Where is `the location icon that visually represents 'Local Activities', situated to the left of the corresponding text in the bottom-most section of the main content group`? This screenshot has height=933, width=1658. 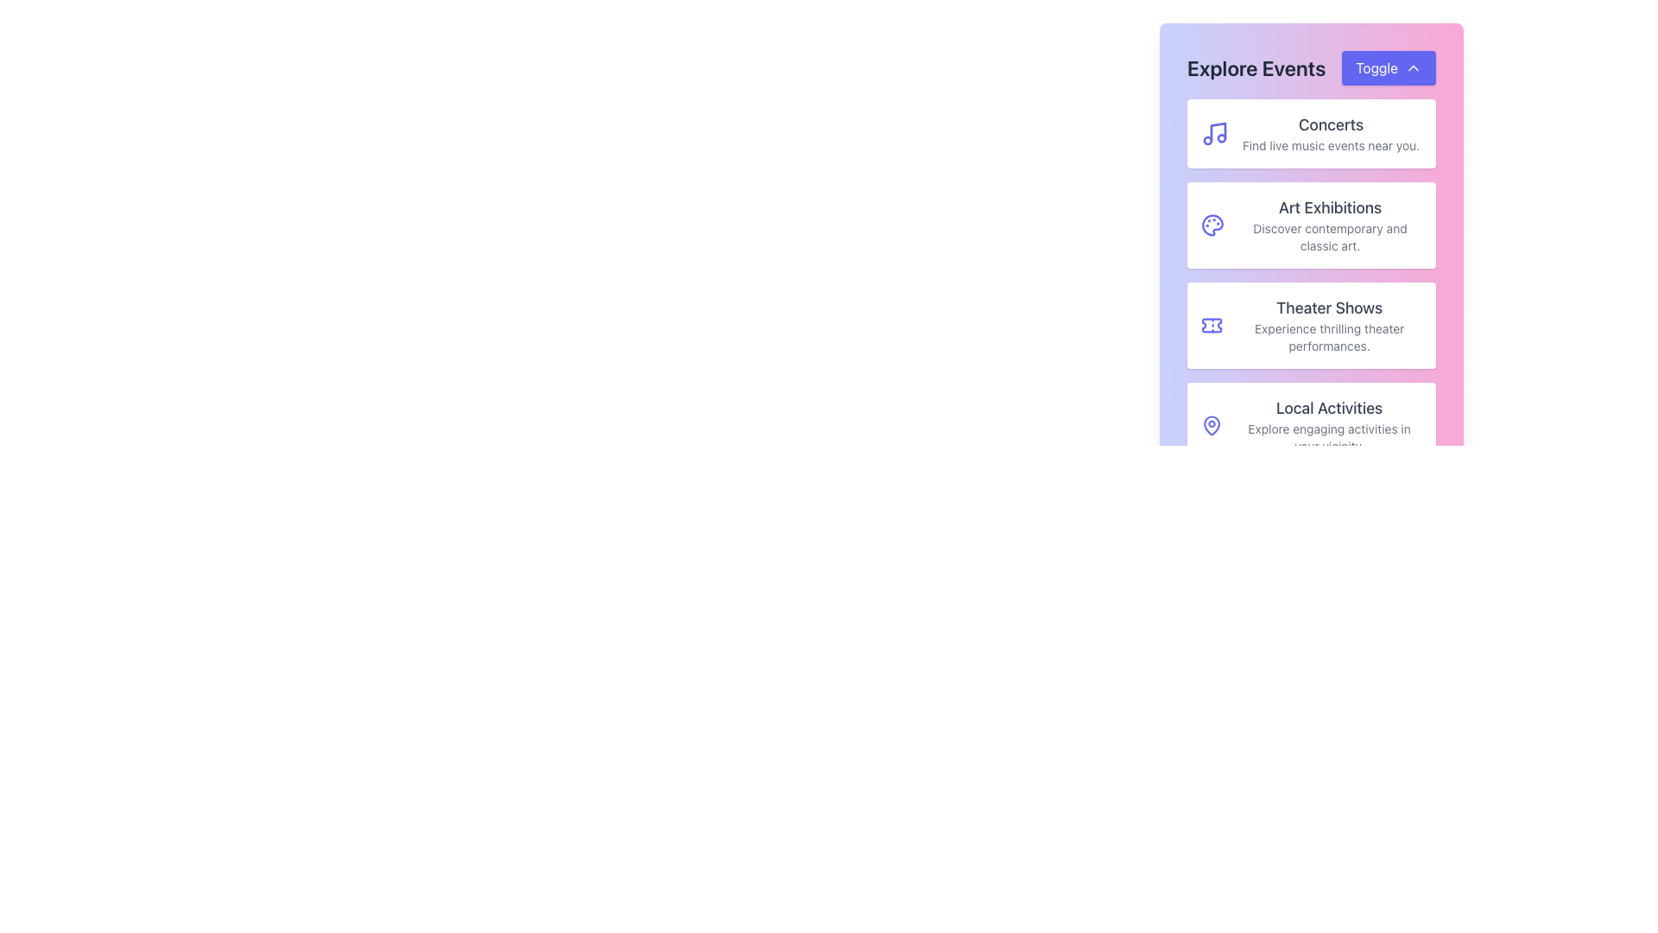 the location icon that visually represents 'Local Activities', situated to the left of the corresponding text in the bottom-most section of the main content group is located at coordinates (1211, 426).